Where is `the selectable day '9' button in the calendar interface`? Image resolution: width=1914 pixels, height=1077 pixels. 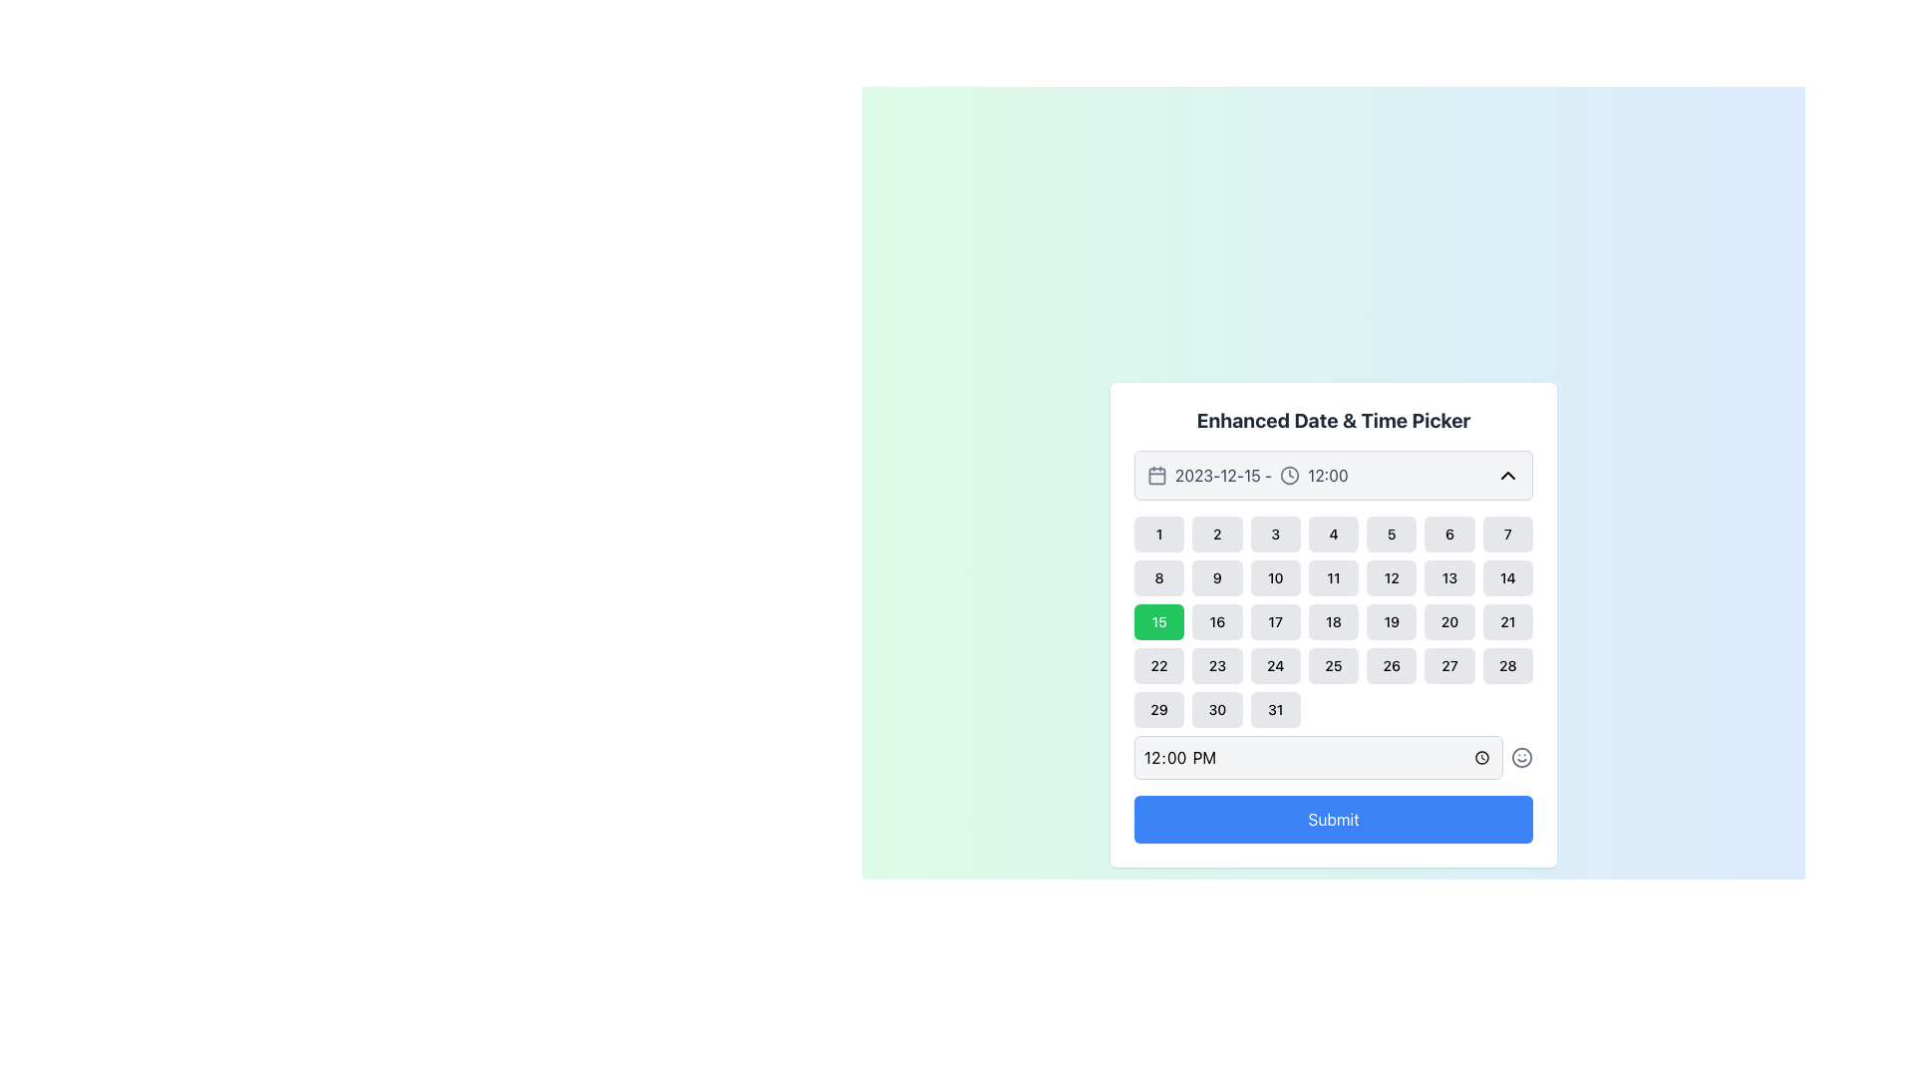 the selectable day '9' button in the calendar interface is located at coordinates (1216, 577).